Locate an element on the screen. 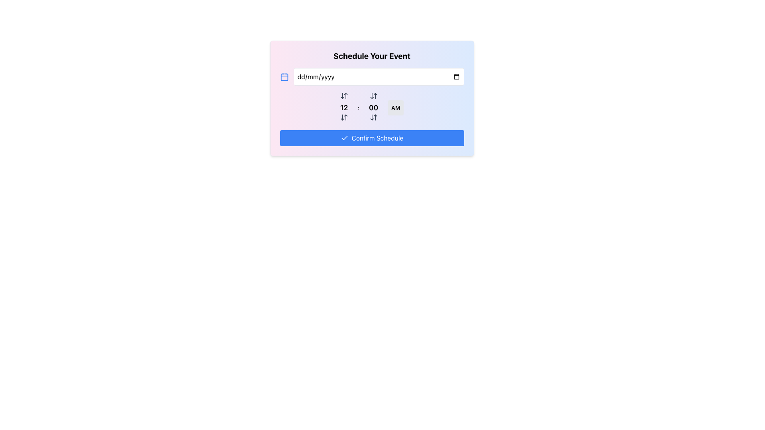 The width and height of the screenshot is (765, 430). the blue button labeled 'Confirm Schedule' by clicking on it is located at coordinates (377, 138).